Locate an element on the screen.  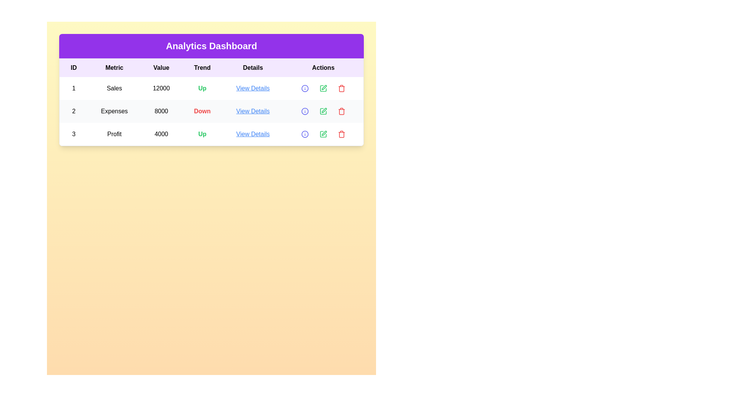
the text label indicating a positive state or trend, which is centrally positioned in the 'Trend' column of the third row in the table is located at coordinates (202, 134).